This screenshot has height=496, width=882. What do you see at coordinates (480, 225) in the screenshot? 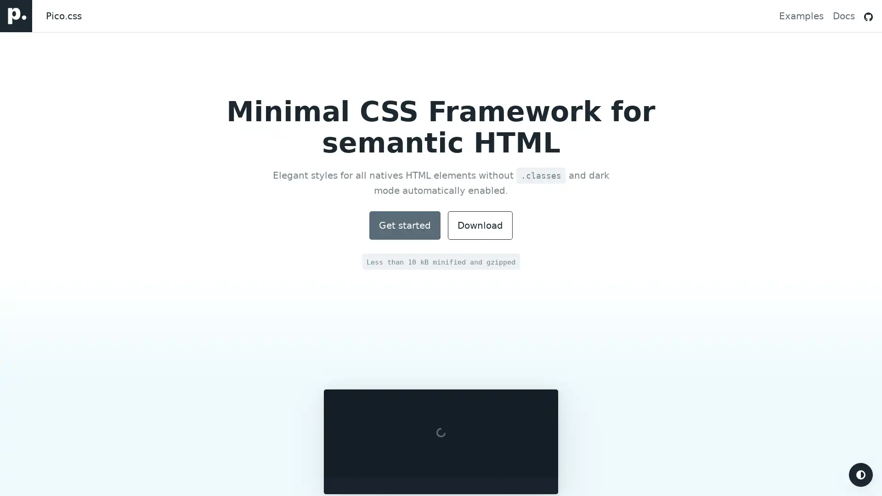
I see `Download` at bounding box center [480, 225].